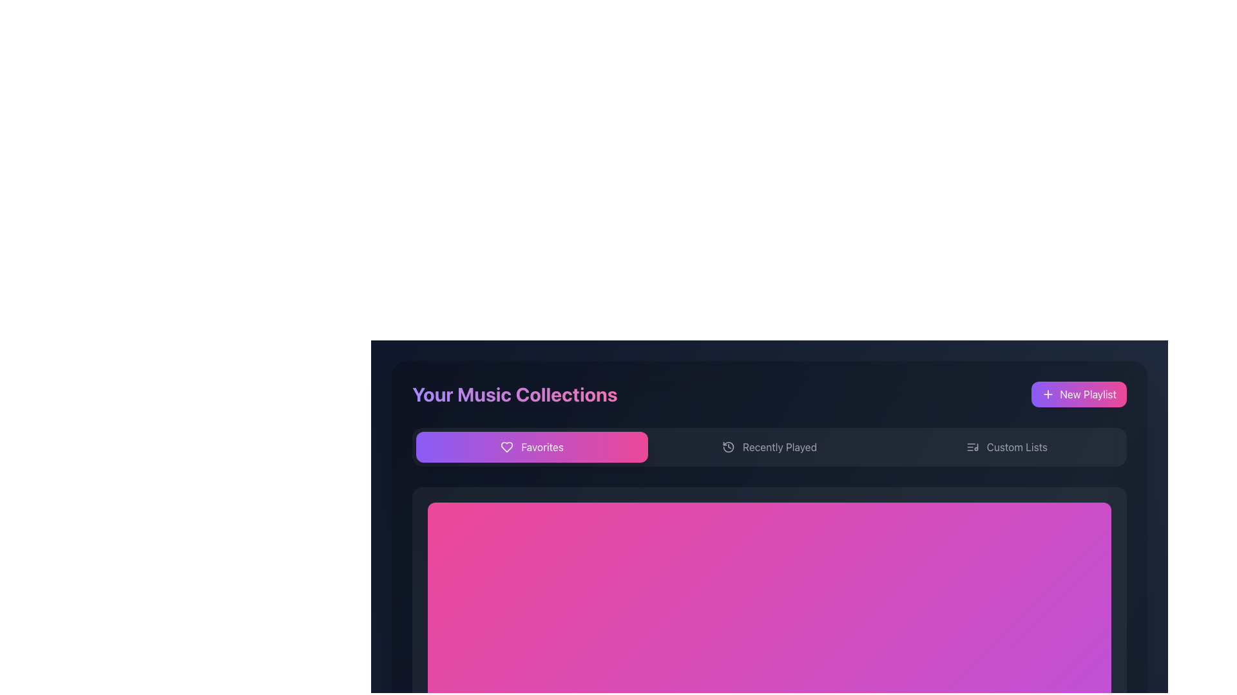 The image size is (1237, 695). Describe the element at coordinates (1088, 394) in the screenshot. I see `the 'Create New Playlist' button located in the top-right corner of the 'Your Music Collections' panel` at that location.